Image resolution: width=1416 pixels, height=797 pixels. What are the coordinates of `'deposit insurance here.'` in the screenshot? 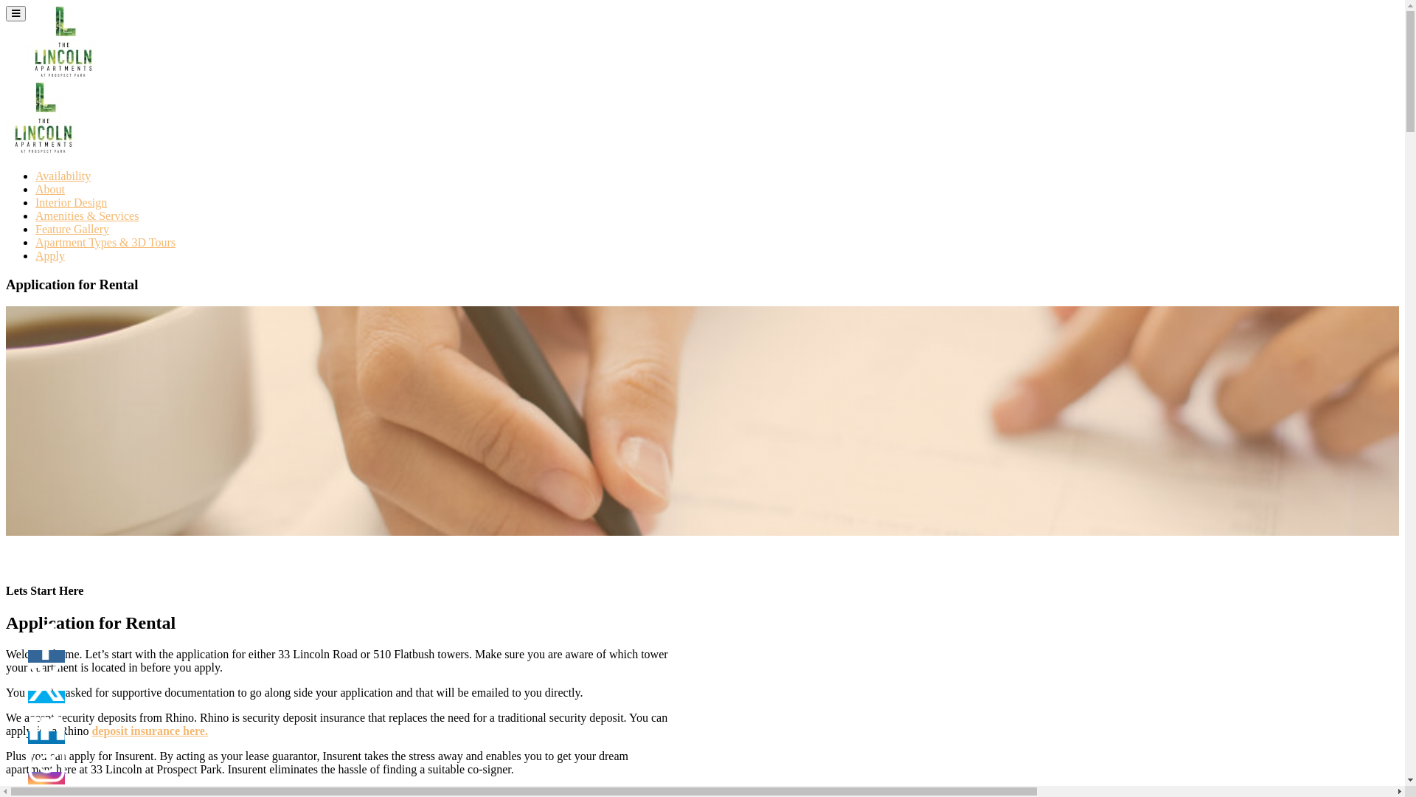 It's located at (91, 731).